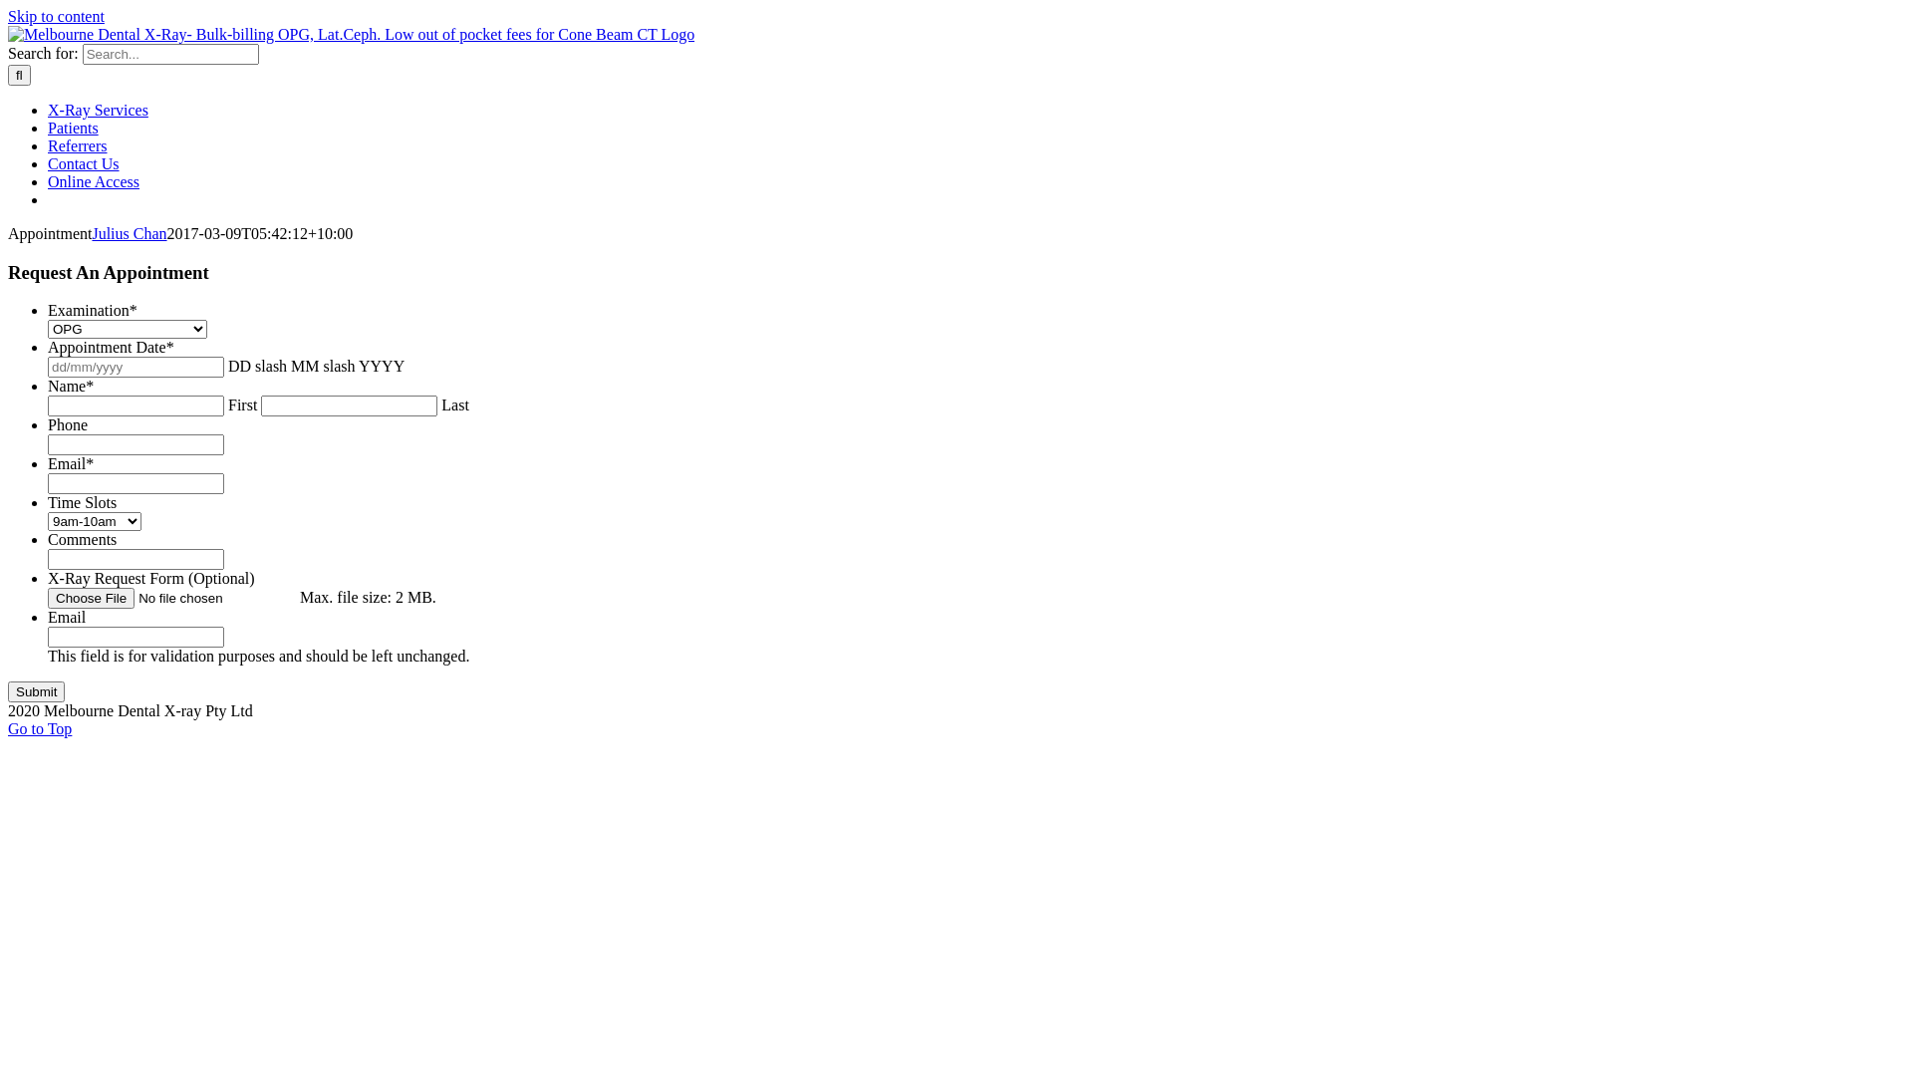 Image resolution: width=1913 pixels, height=1076 pixels. Describe the element at coordinates (97, 110) in the screenshot. I see `'X-Ray Services'` at that location.